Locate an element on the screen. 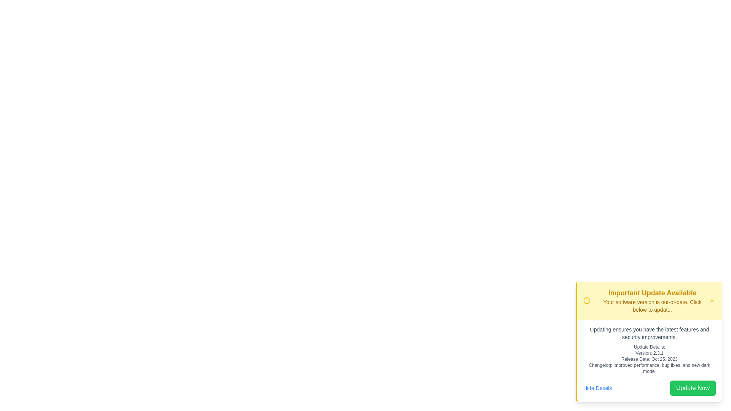 This screenshot has height=411, width=731. the informational Text label displaying the current version number of the software, located in the lower-right corner of the interface, positioned below 'Update Details:' and above 'Release Date: Oct 25, 2023' is located at coordinates (649, 353).